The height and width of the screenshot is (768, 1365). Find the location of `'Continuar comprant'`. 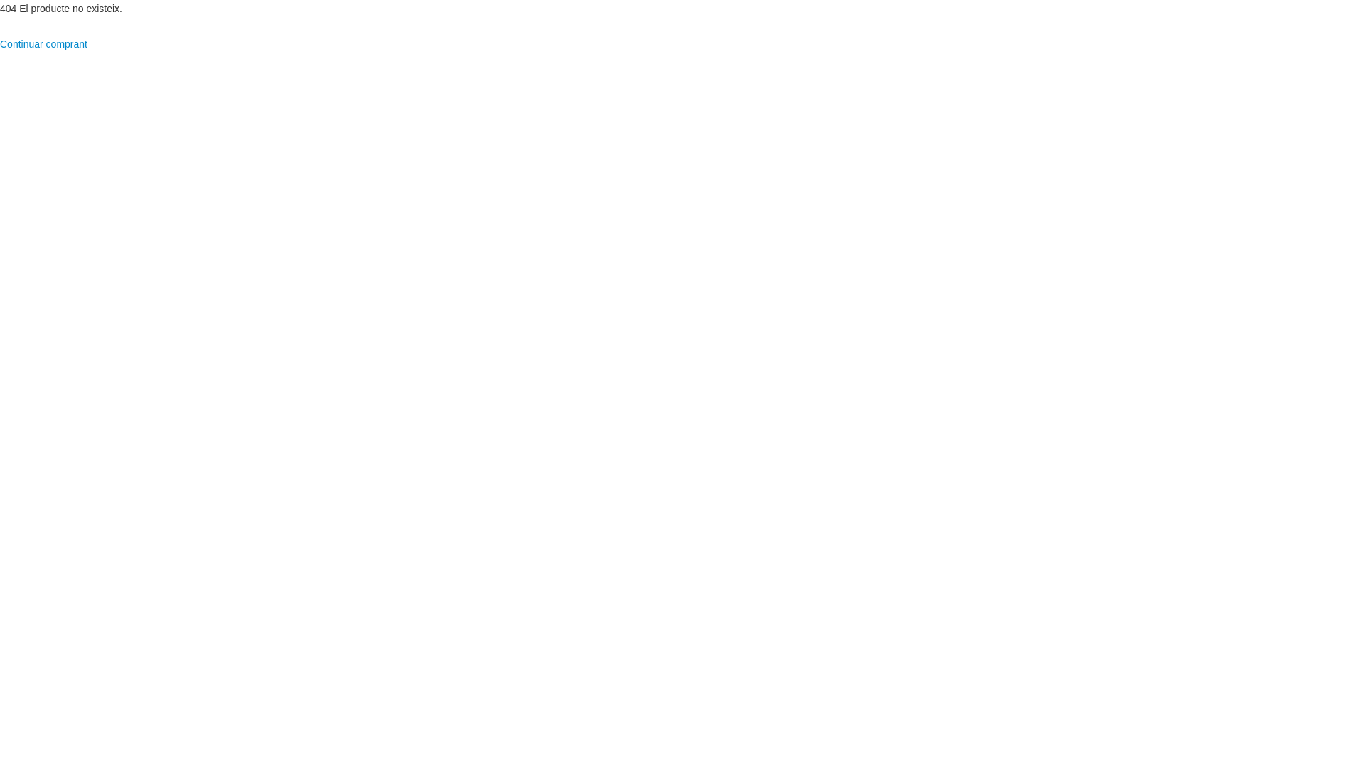

'Continuar comprant' is located at coordinates (43, 43).